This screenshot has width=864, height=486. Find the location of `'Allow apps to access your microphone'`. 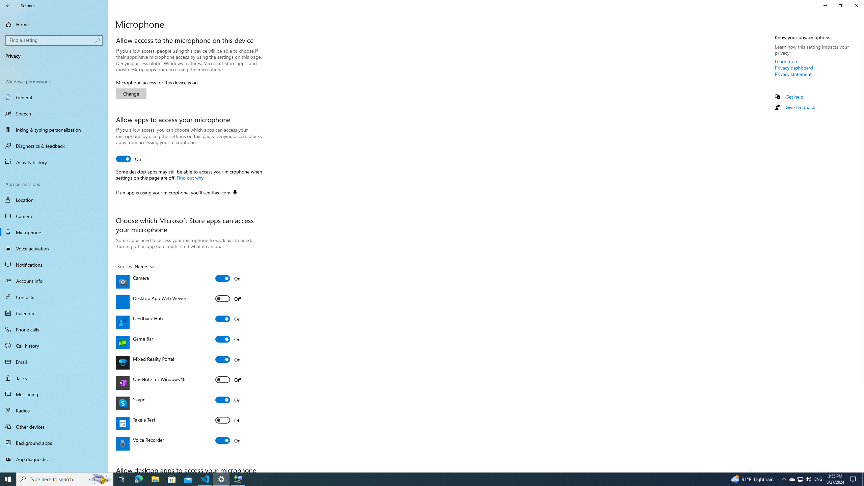

'Allow apps to access your microphone' is located at coordinates (128, 159).